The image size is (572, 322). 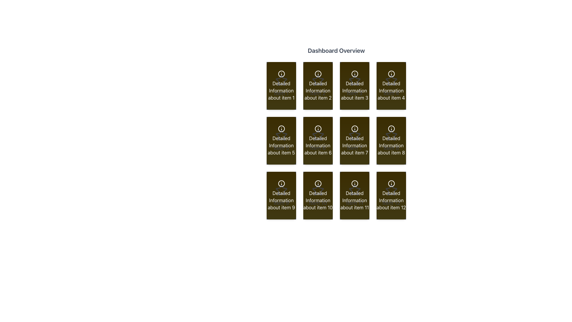 What do you see at coordinates (355, 145) in the screenshot?
I see `the label that provides additional information about a specific item in the center row of a 3x4 grid layout, specifically at the third position from the left` at bounding box center [355, 145].